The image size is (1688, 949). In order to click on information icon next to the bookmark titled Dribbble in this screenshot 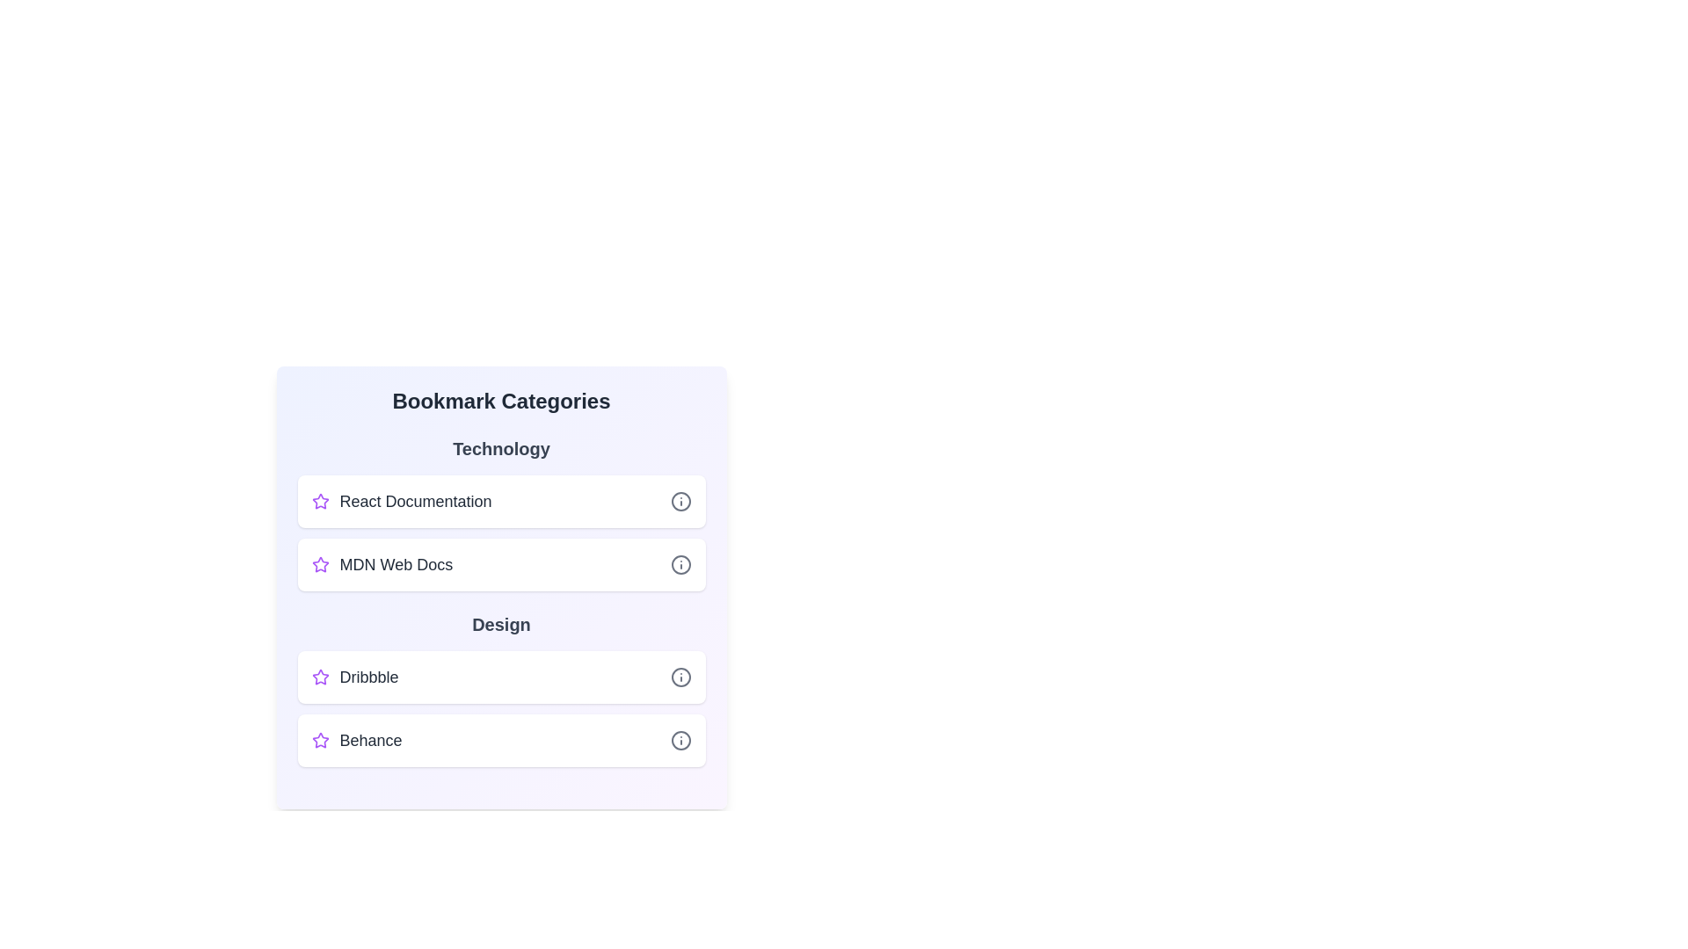, I will do `click(680, 677)`.